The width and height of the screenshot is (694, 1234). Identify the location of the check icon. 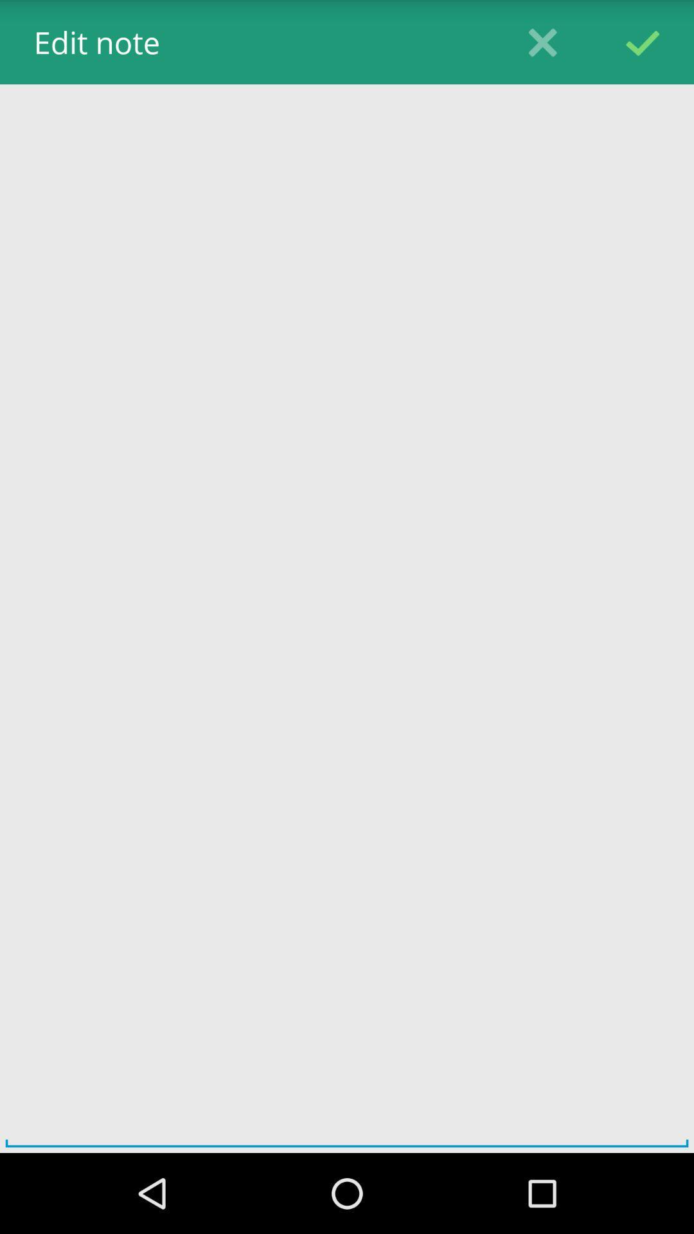
(643, 45).